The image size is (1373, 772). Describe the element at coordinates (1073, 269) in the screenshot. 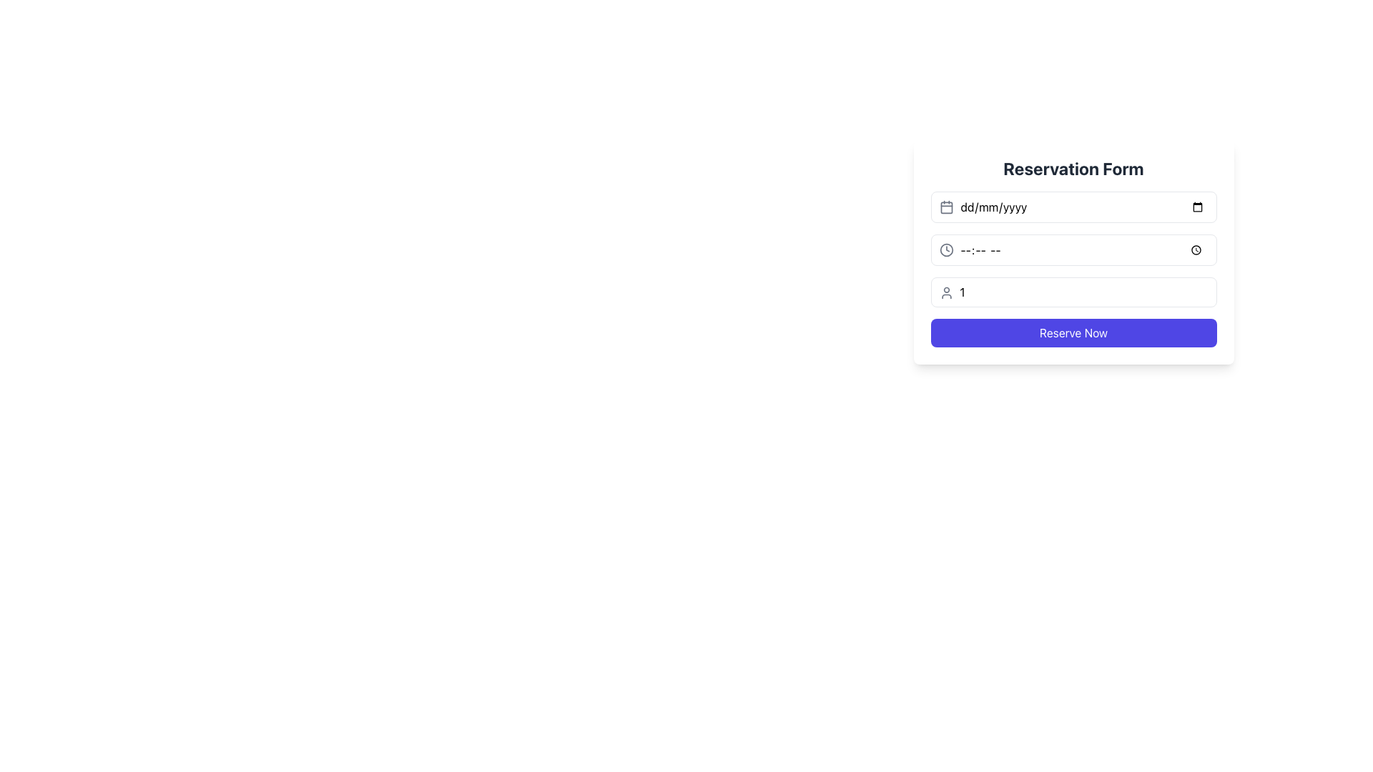

I see `the time input field within the composite input form element in the 'Reservation Form' section` at that location.